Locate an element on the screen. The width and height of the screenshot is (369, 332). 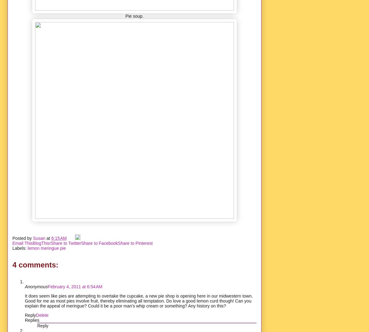
'Share to Pinterest' is located at coordinates (135, 243).